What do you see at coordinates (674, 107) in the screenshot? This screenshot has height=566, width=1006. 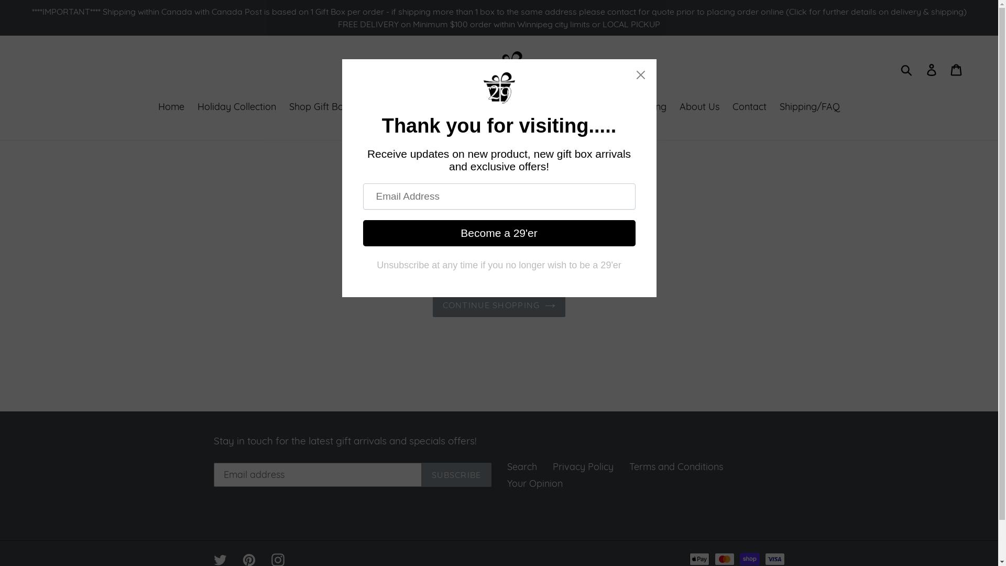 I see `'About Us'` at bounding box center [674, 107].